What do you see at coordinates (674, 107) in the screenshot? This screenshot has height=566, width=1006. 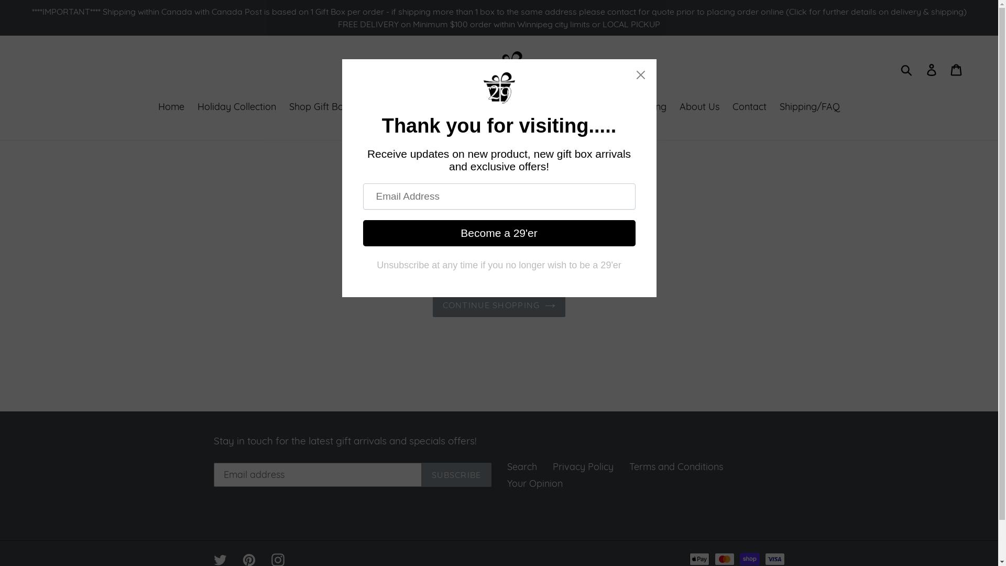 I see `'About Us'` at bounding box center [674, 107].